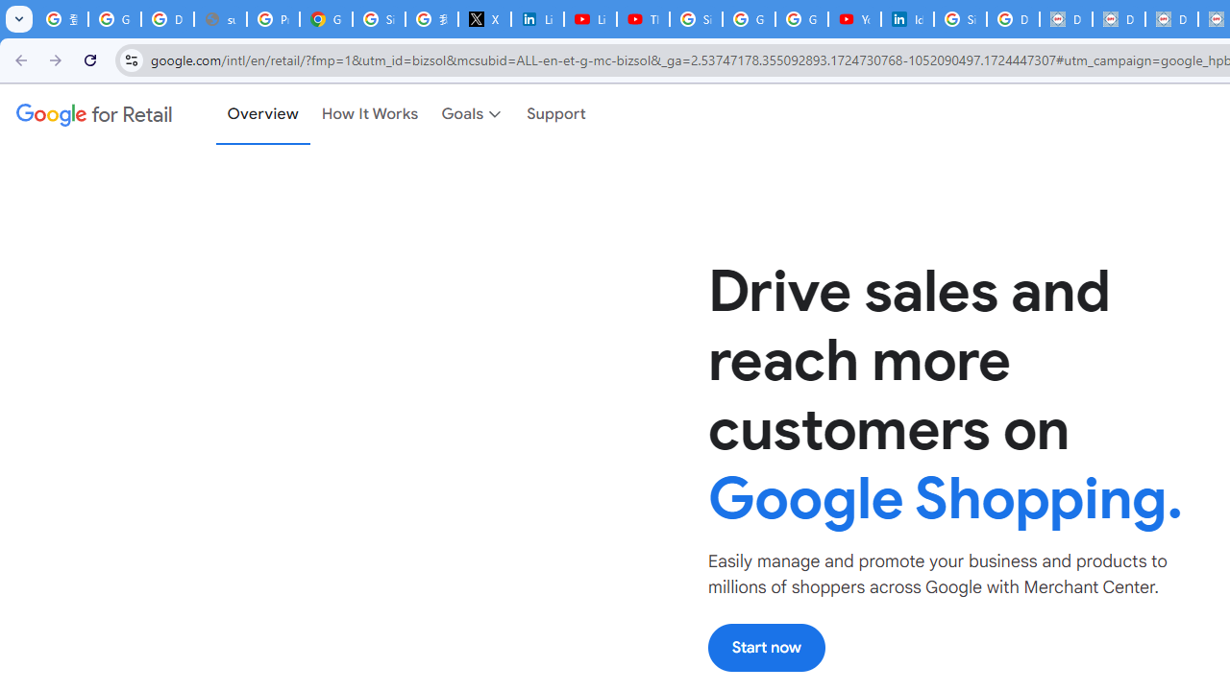 This screenshot has width=1230, height=691. What do you see at coordinates (473, 114) in the screenshot?
I see `'Goals'` at bounding box center [473, 114].